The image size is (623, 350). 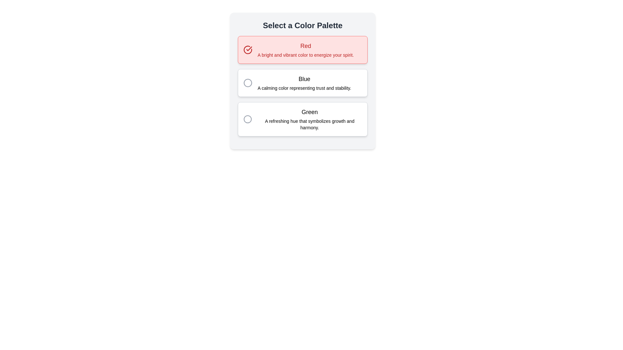 I want to click on the 'Red' color option text label, which is the first selectable element in the color palette list, so click(x=305, y=50).